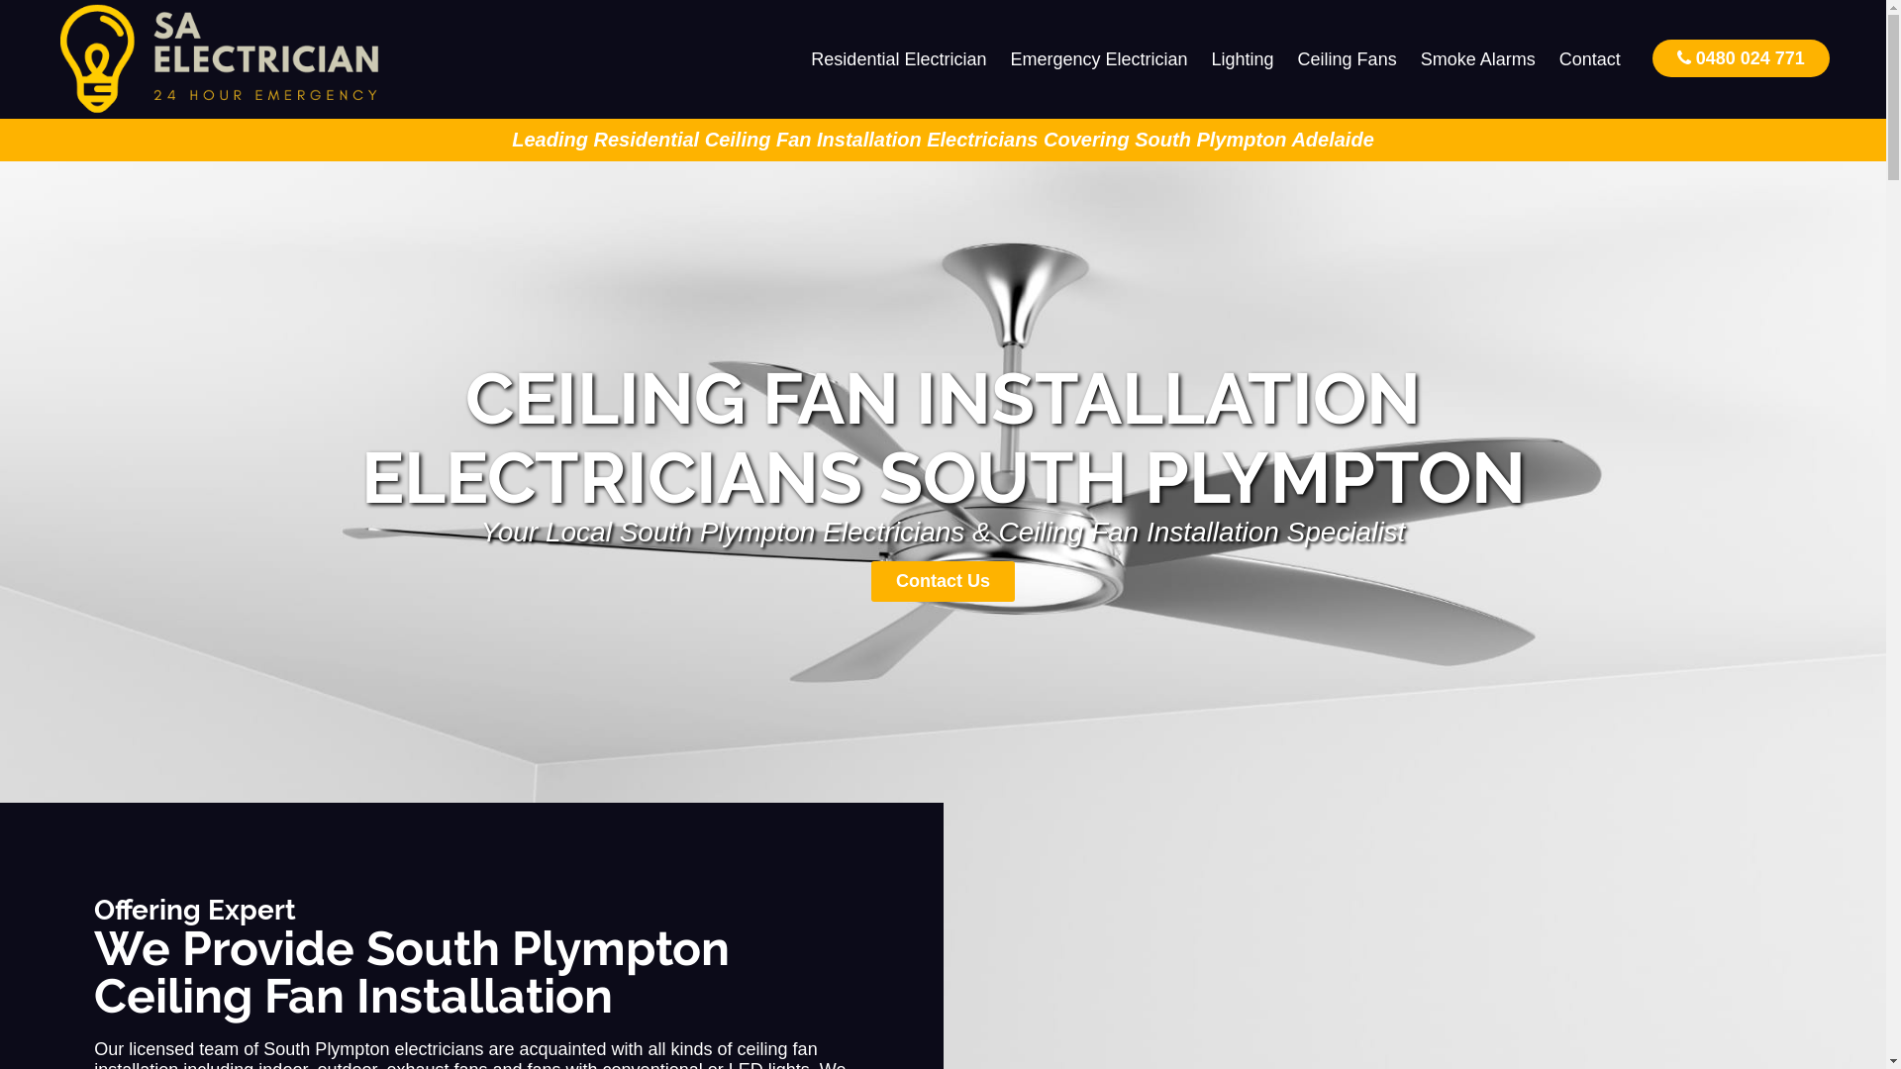 This screenshot has width=1901, height=1069. What do you see at coordinates (1477, 58) in the screenshot?
I see `'Smoke Alarms'` at bounding box center [1477, 58].